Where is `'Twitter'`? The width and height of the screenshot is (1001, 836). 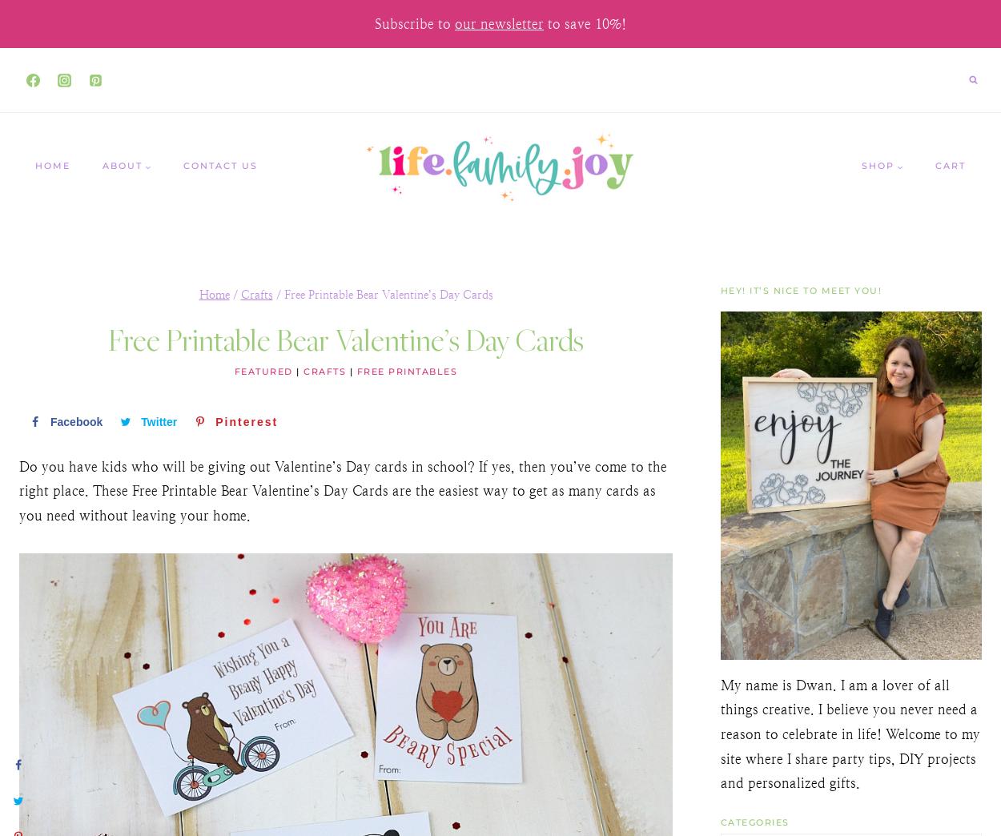 'Twitter' is located at coordinates (158, 421).